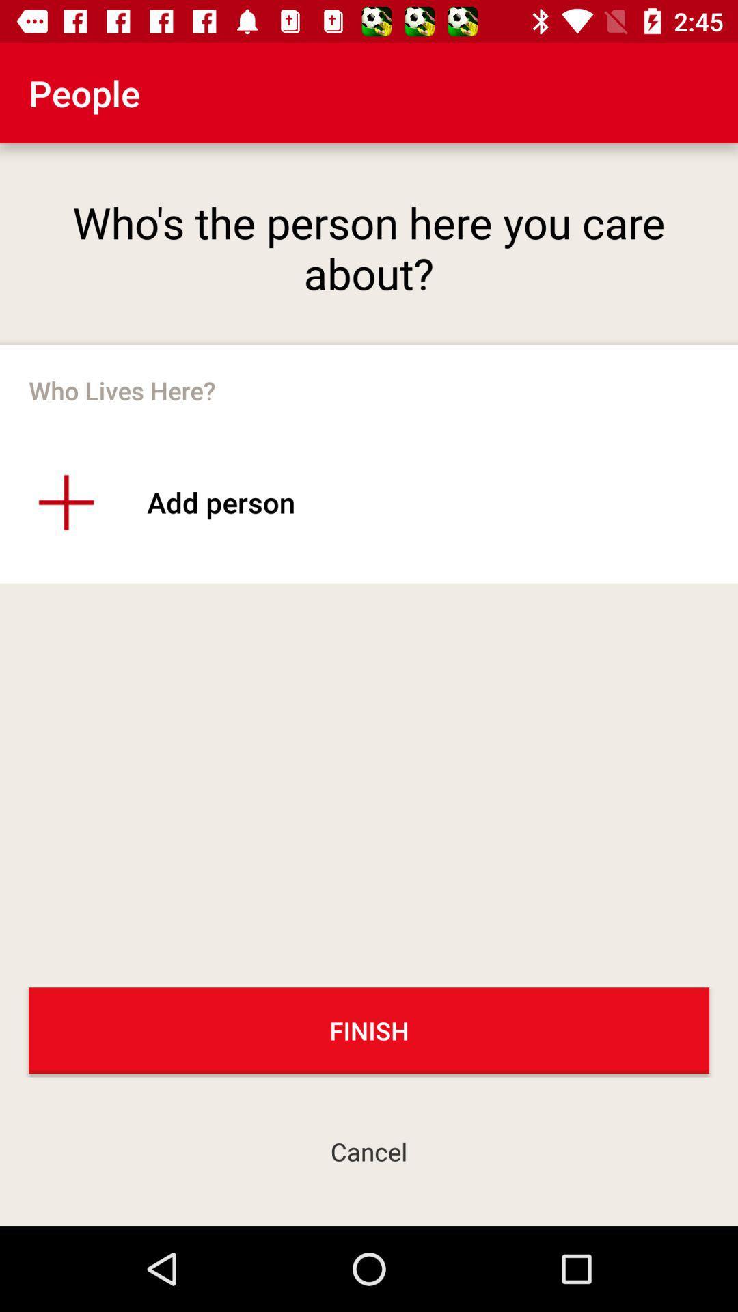 This screenshot has height=1312, width=738. What do you see at coordinates (369, 1151) in the screenshot?
I see `item below the finish` at bounding box center [369, 1151].